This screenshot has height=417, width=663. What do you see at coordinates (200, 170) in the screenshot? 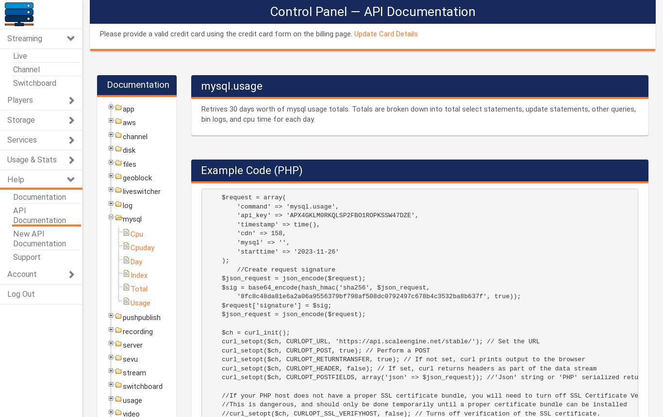
I see `'Example Code (PHP)'` at bounding box center [200, 170].